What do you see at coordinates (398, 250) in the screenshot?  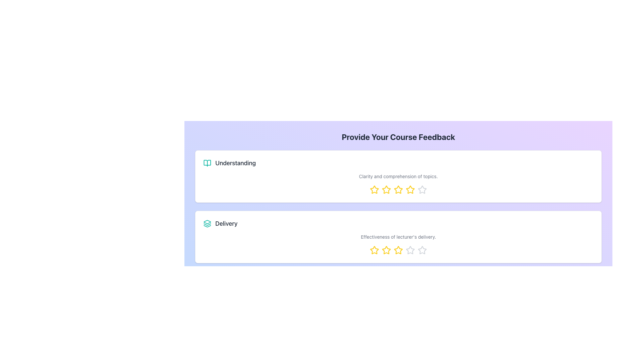 I see `the fourth star` at bounding box center [398, 250].